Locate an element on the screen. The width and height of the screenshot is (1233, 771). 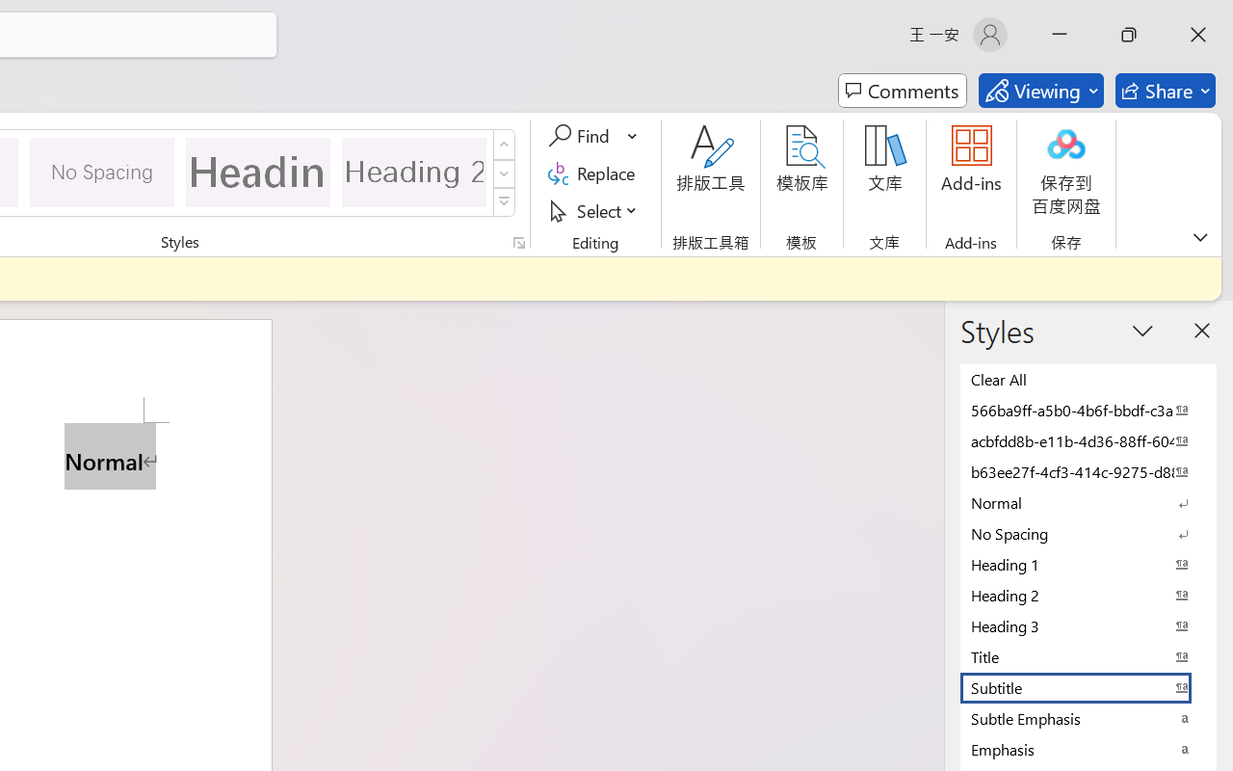
'Title' is located at coordinates (1089, 656).